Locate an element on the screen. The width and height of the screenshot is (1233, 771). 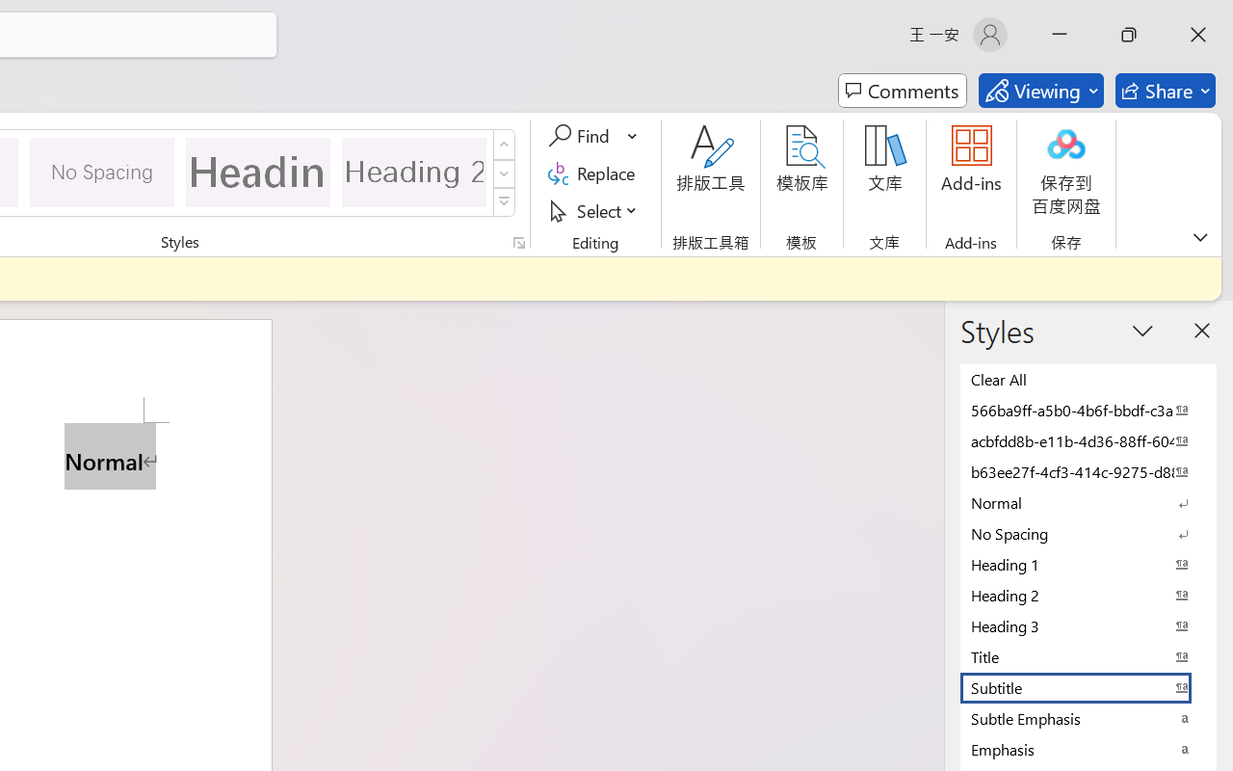
'Title' is located at coordinates (1089, 656).